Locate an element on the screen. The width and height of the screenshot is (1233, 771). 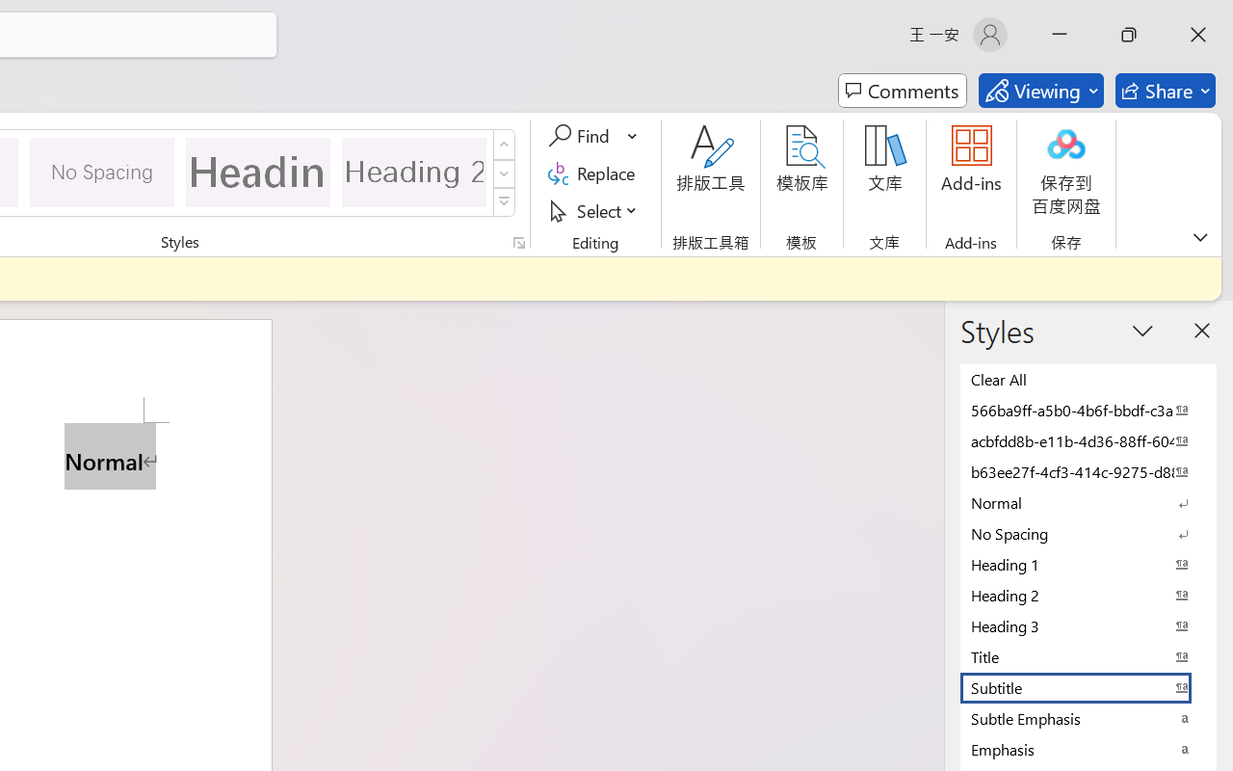
'Title' is located at coordinates (1089, 656).